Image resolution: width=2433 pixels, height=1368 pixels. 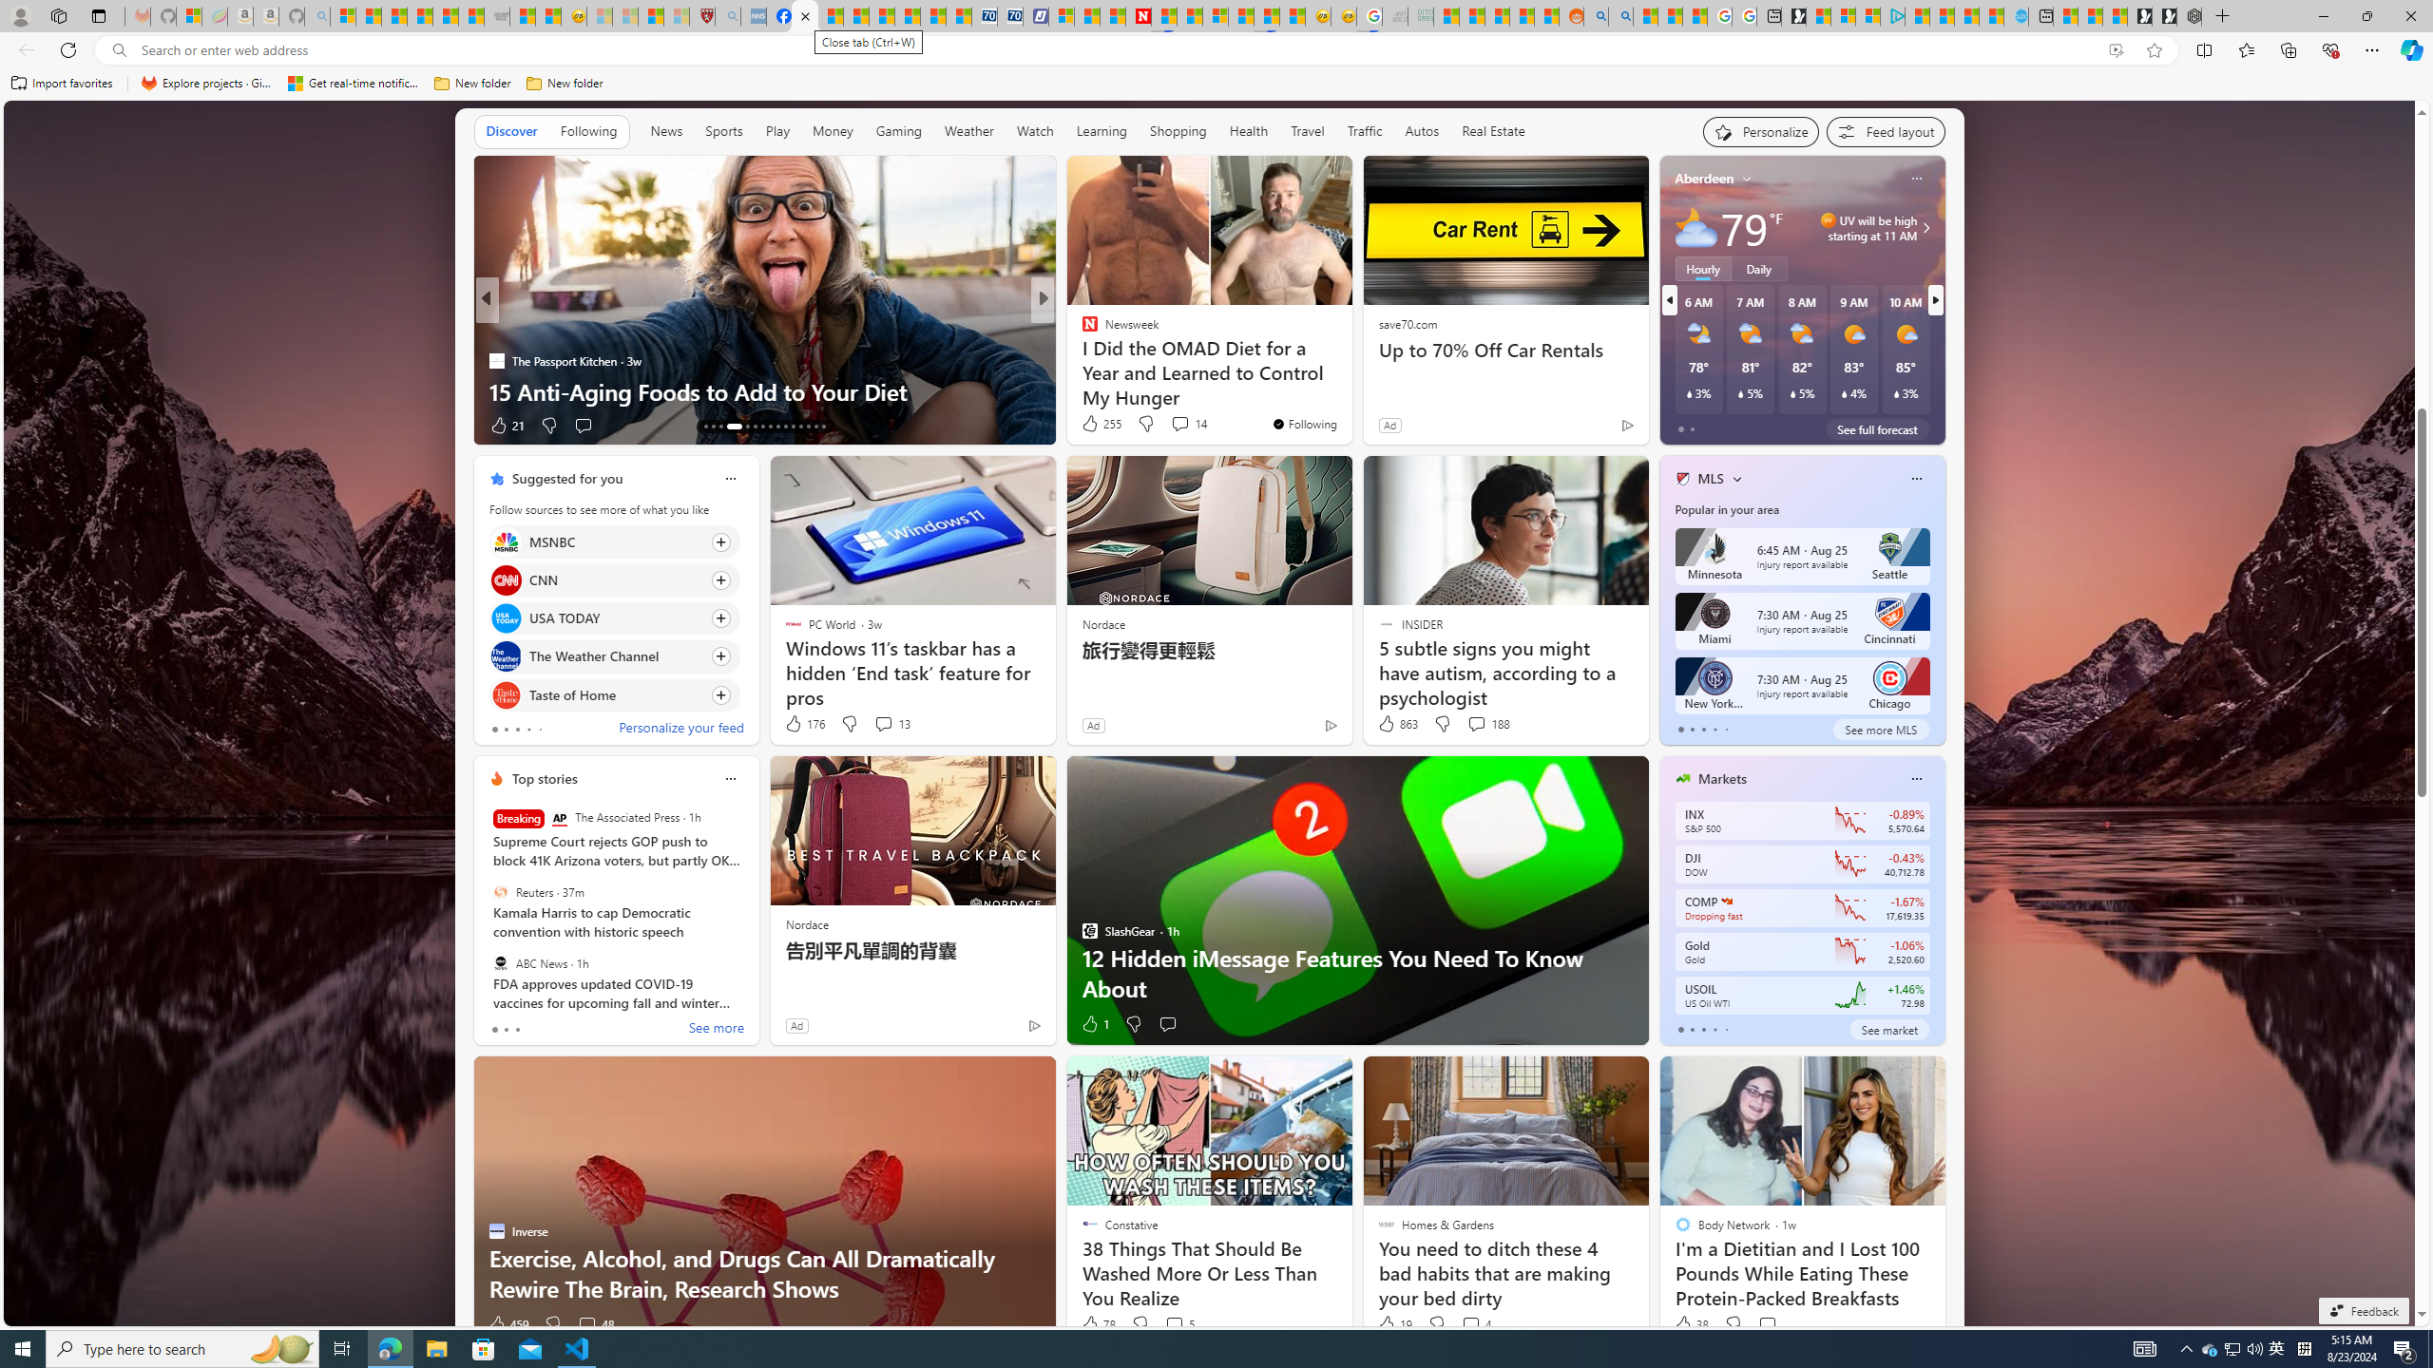 What do you see at coordinates (785, 426) in the screenshot?
I see `'AutomationID: tab-75'` at bounding box center [785, 426].